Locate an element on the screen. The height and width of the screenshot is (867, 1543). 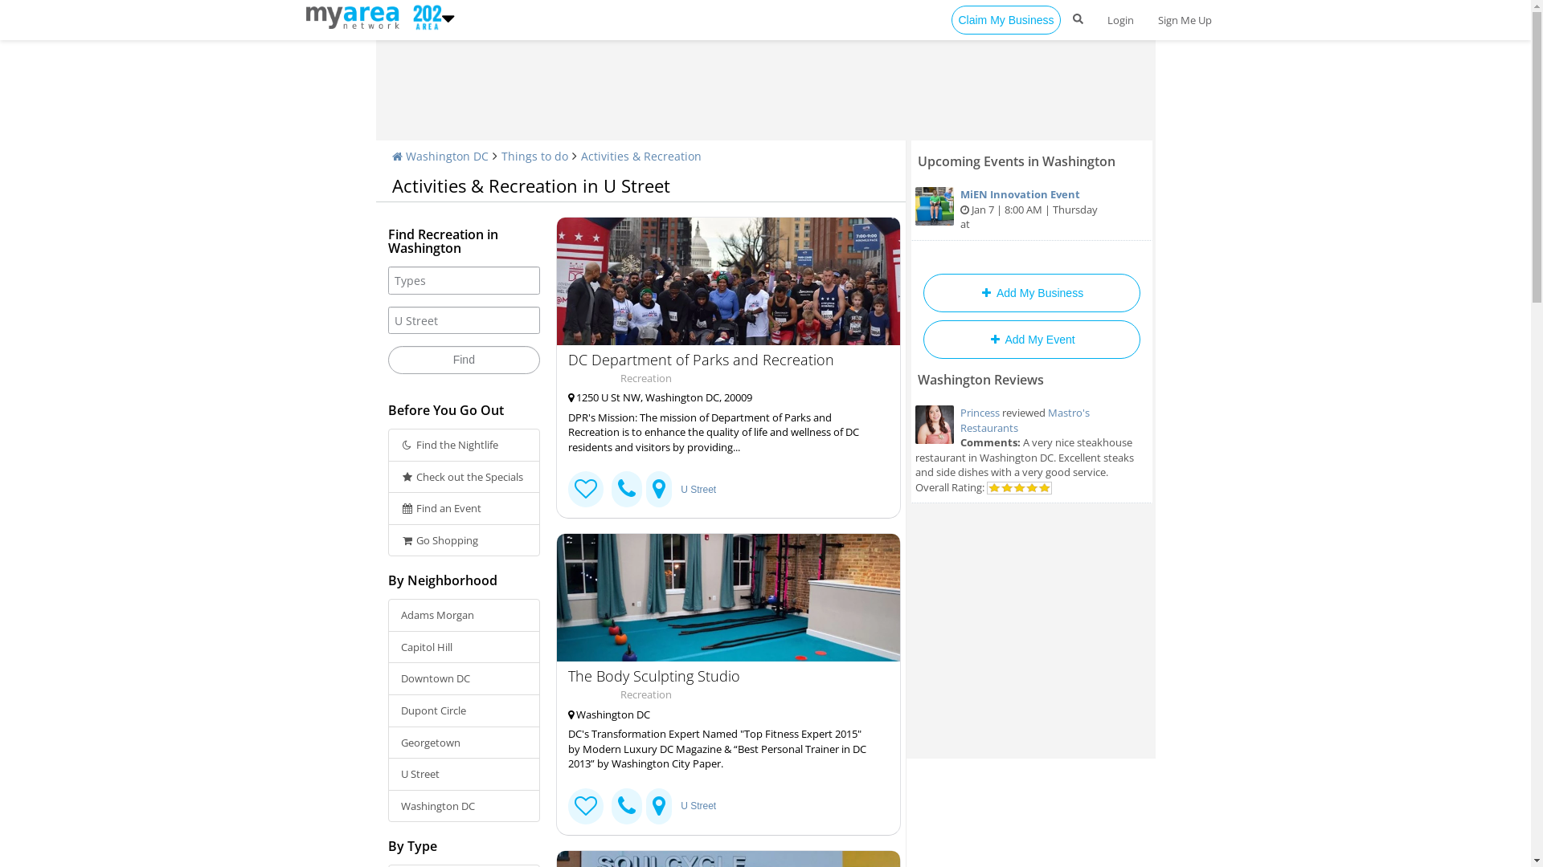
'Business Location' is located at coordinates (659, 806).